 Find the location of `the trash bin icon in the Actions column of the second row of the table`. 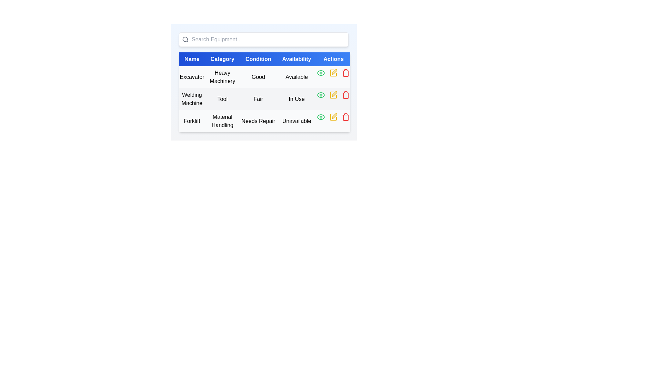

the trash bin icon in the Actions column of the second row of the table is located at coordinates (346, 95).